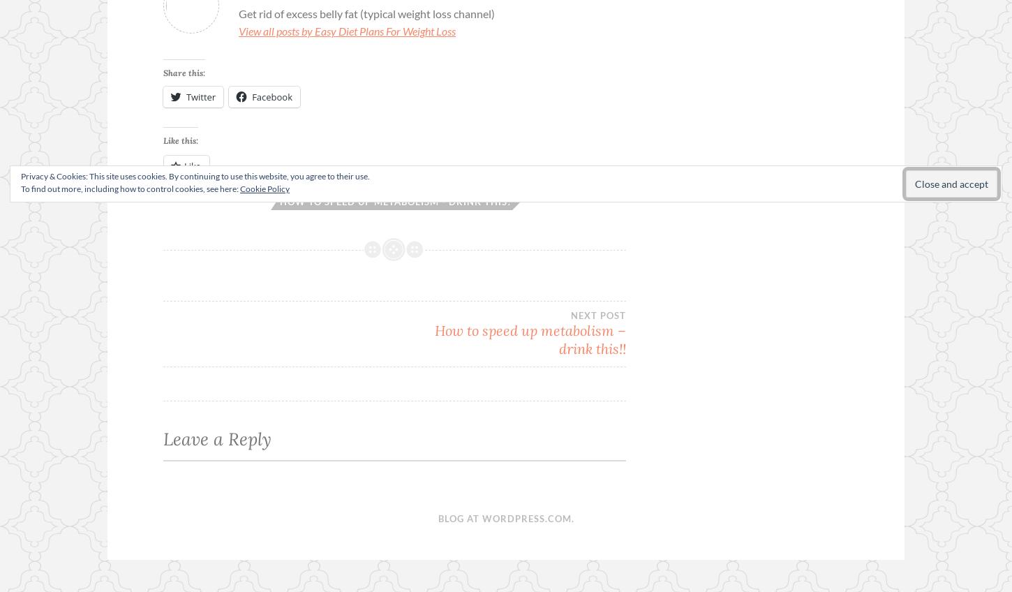 Image resolution: width=1012 pixels, height=592 pixels. What do you see at coordinates (252, 96) in the screenshot?
I see `'Facebook'` at bounding box center [252, 96].